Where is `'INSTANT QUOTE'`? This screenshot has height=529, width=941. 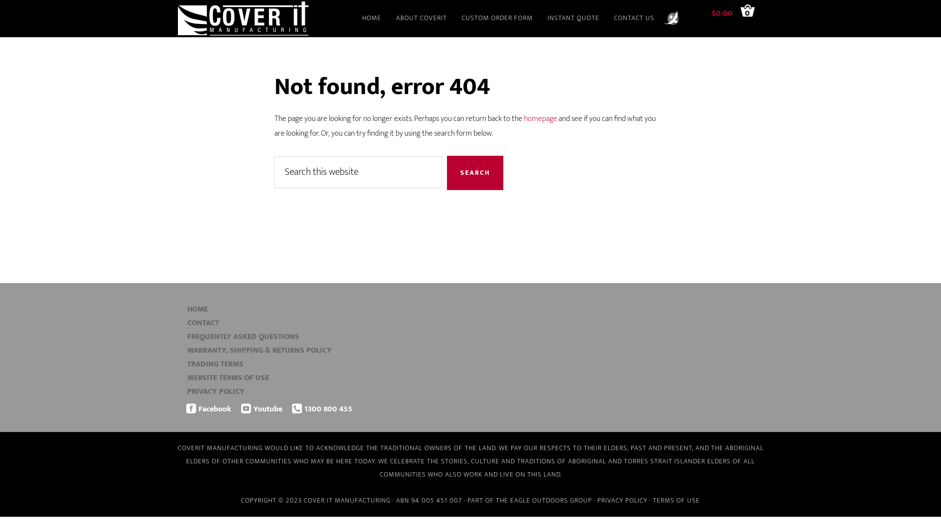
'INSTANT QUOTE' is located at coordinates (573, 19).